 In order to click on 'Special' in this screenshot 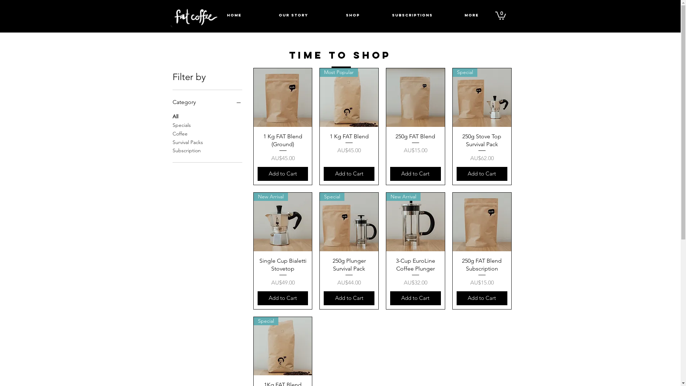, I will do `click(482, 98)`.